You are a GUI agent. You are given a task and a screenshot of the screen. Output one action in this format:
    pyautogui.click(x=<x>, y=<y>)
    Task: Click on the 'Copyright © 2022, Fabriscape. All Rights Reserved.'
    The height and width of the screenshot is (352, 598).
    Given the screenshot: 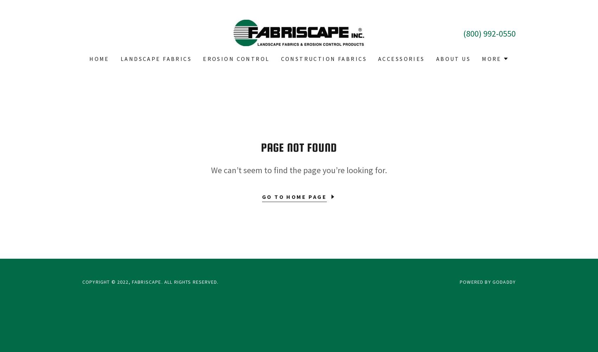 What is the action you would take?
    pyautogui.click(x=150, y=282)
    